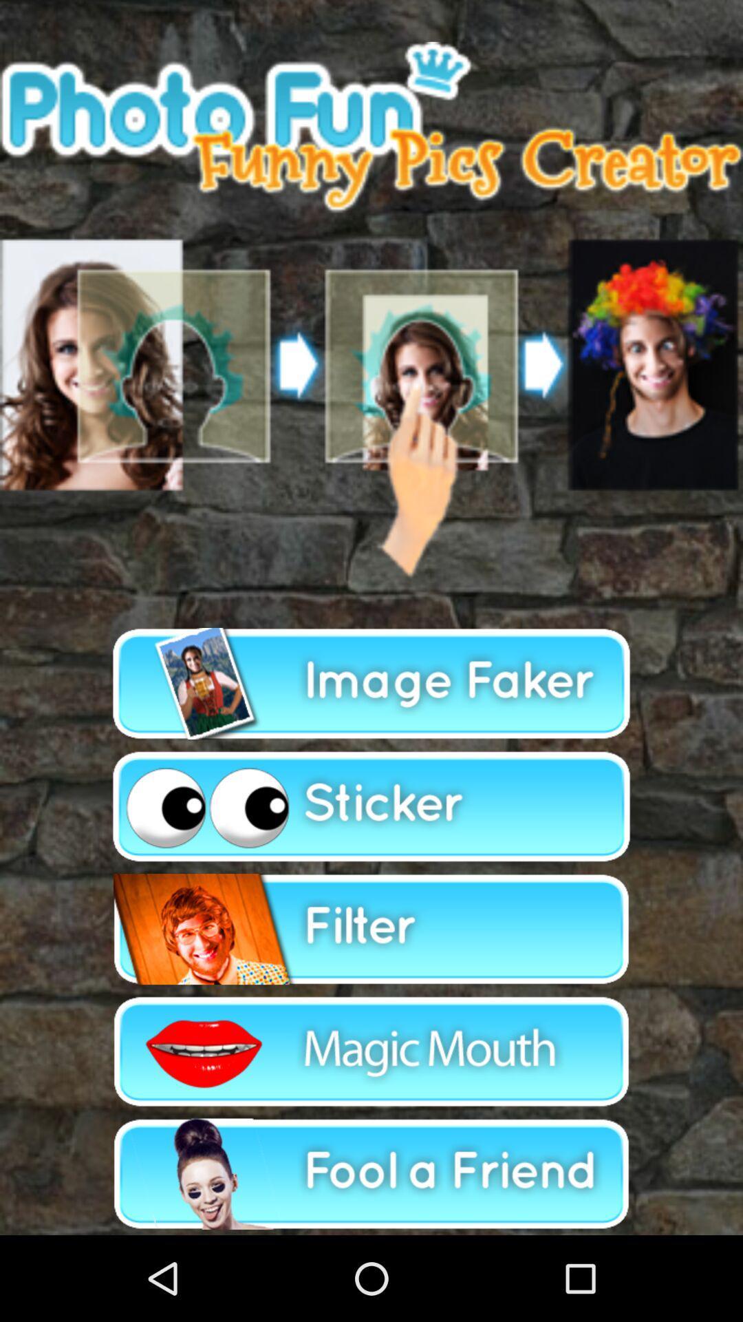 This screenshot has height=1322, width=743. I want to click on open filter, so click(371, 929).